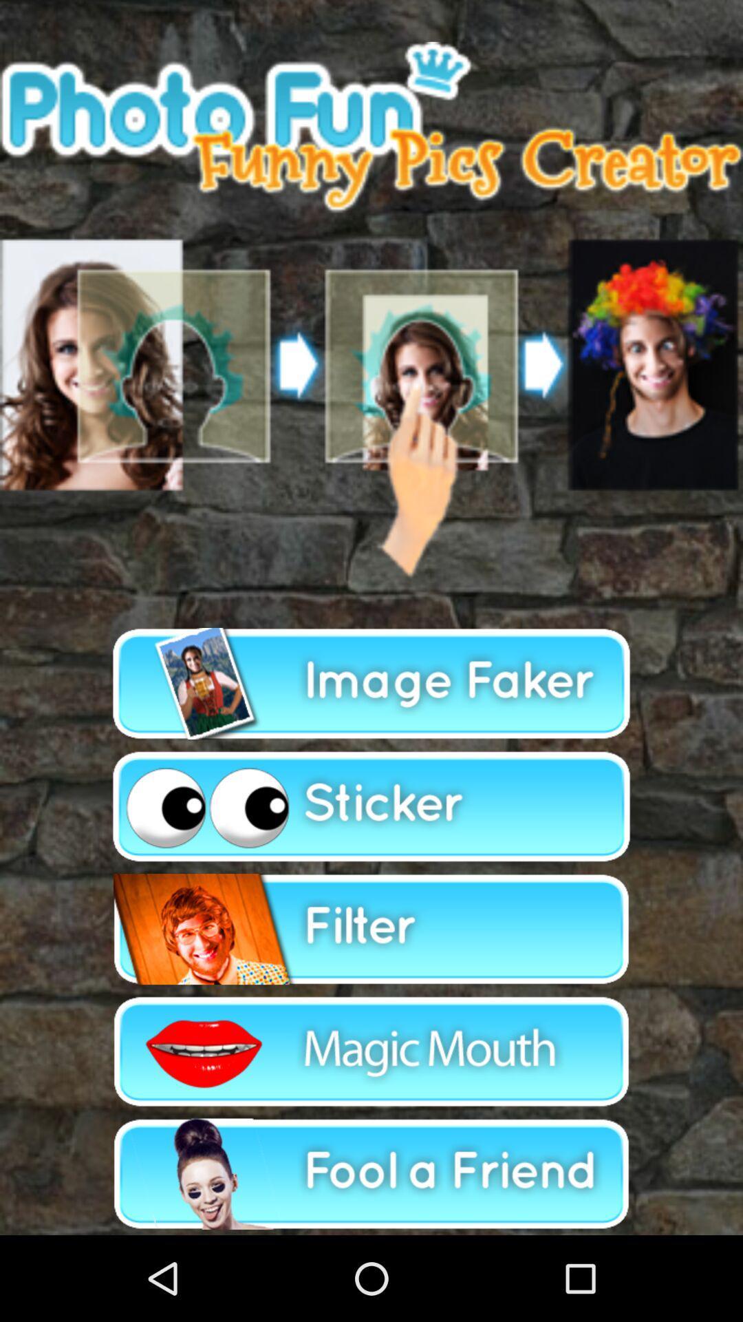 This screenshot has height=1322, width=743. I want to click on open filter, so click(371, 929).